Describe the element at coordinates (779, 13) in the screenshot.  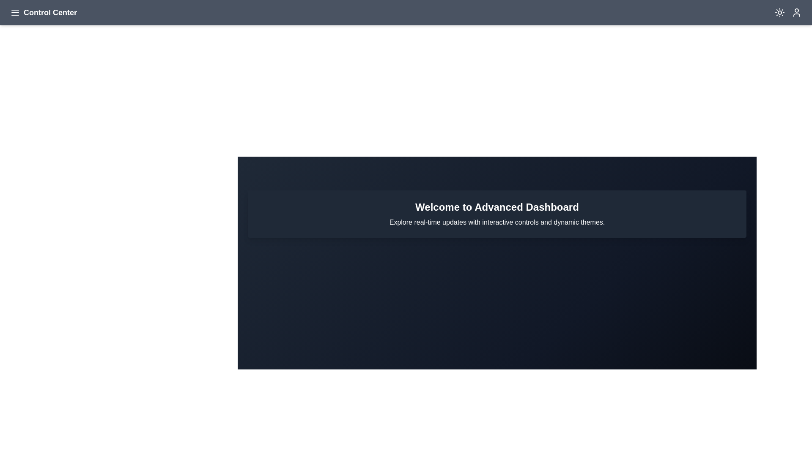
I see `the sun icon to toggle the theme to light mode` at that location.